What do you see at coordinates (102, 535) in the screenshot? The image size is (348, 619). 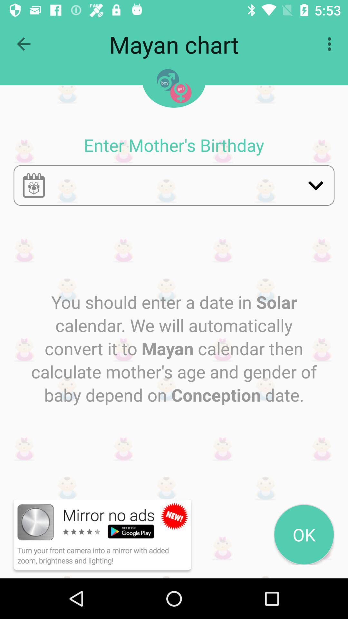 I see `the button on the bottom left corner of the web page` at bounding box center [102, 535].